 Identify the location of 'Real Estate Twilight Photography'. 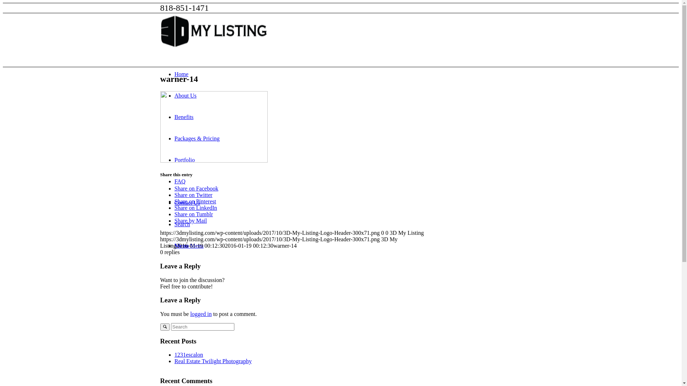
(213, 361).